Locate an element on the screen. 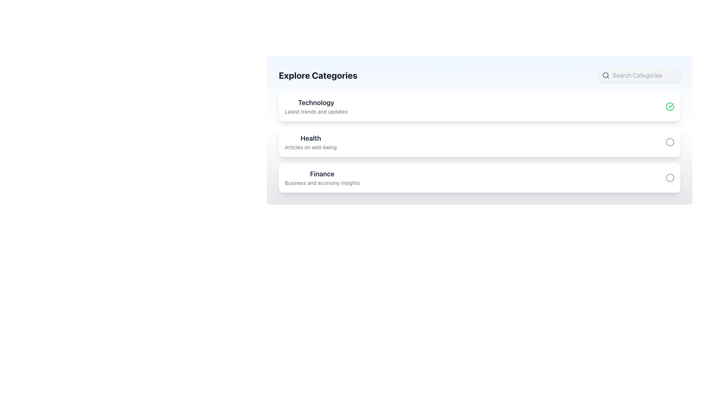 This screenshot has width=712, height=401. the circular icon representing the 'Finance' category selection in the 'Explore Categories' panel is located at coordinates (670, 177).